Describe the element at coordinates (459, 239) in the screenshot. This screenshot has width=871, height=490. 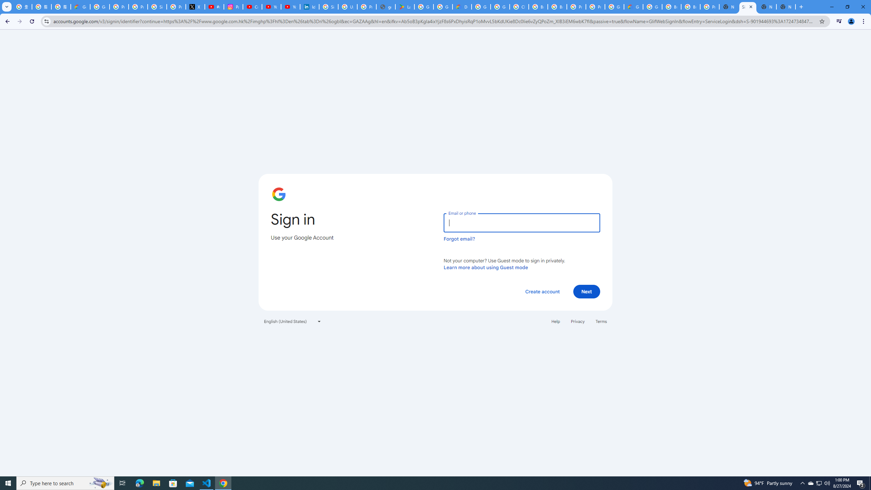
I see `'Forgot email?'` at that location.